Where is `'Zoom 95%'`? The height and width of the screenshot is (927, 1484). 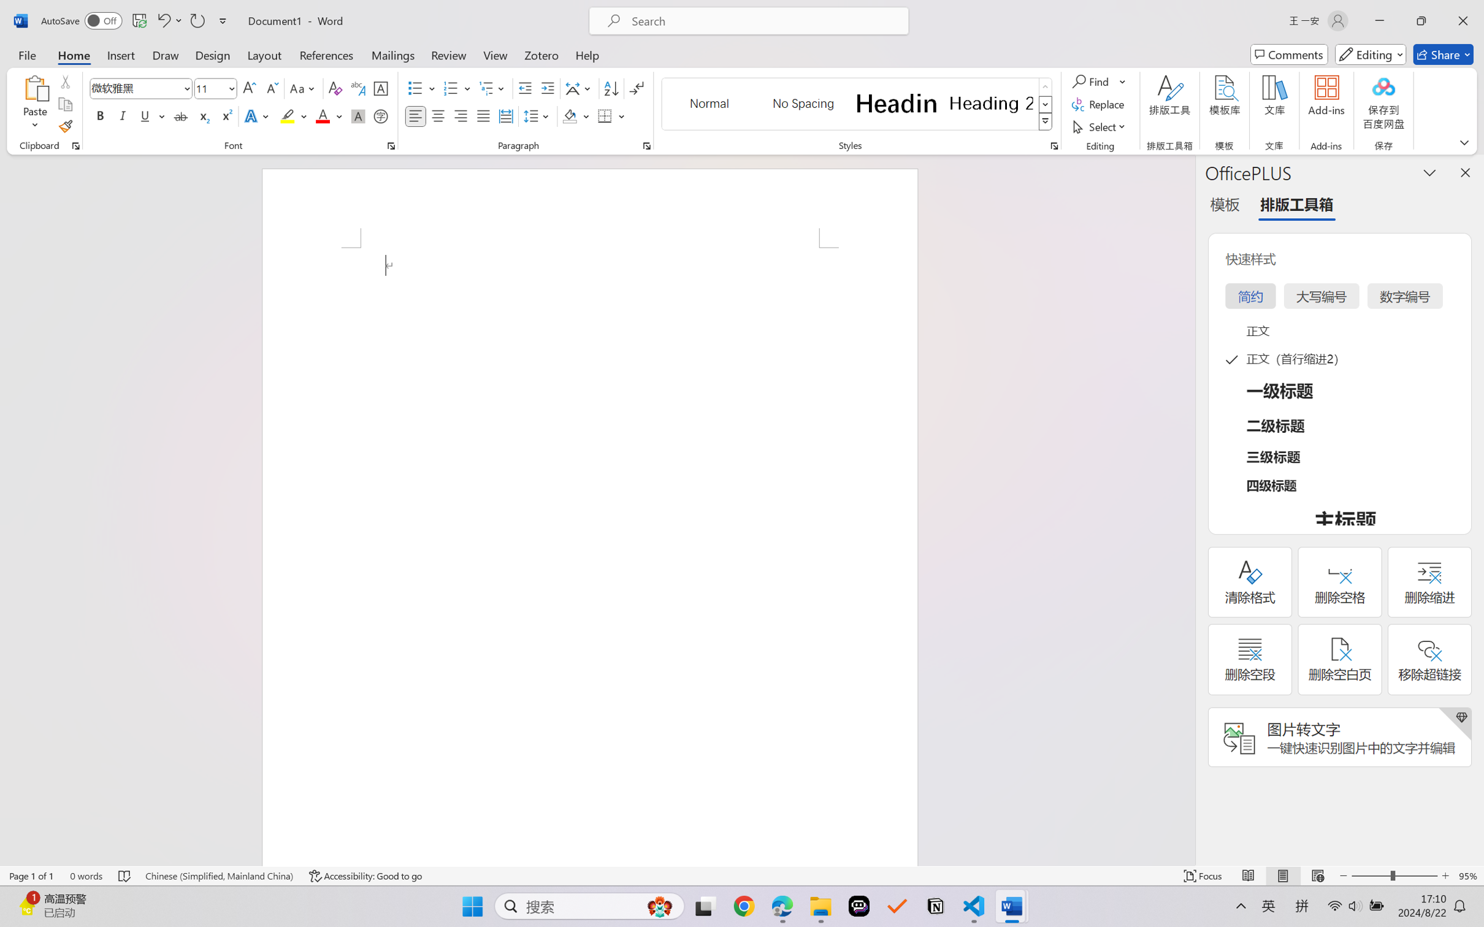 'Zoom 95%' is located at coordinates (1468, 876).